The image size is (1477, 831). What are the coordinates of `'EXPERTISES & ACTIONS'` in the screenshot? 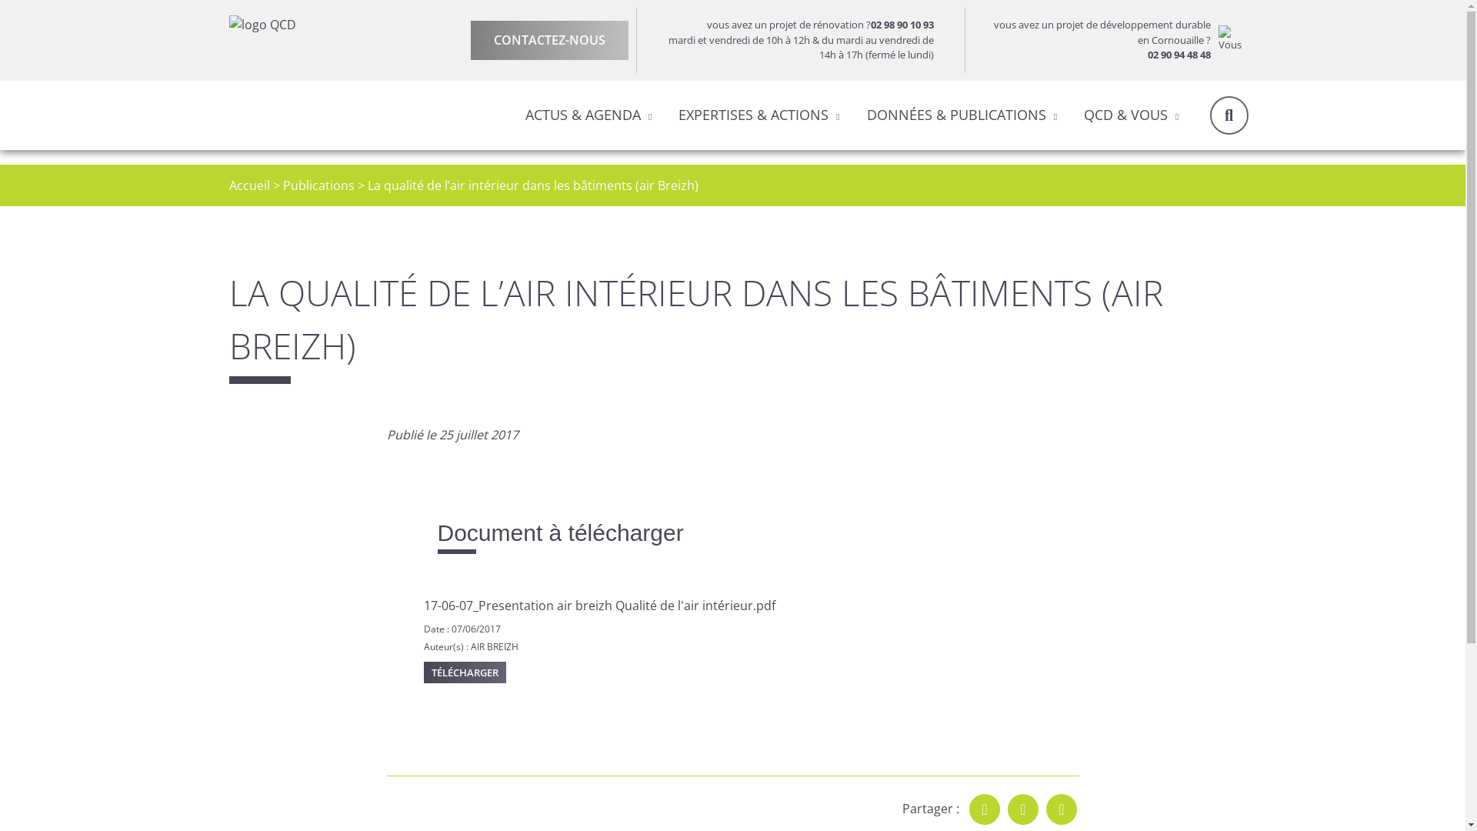 It's located at (753, 114).